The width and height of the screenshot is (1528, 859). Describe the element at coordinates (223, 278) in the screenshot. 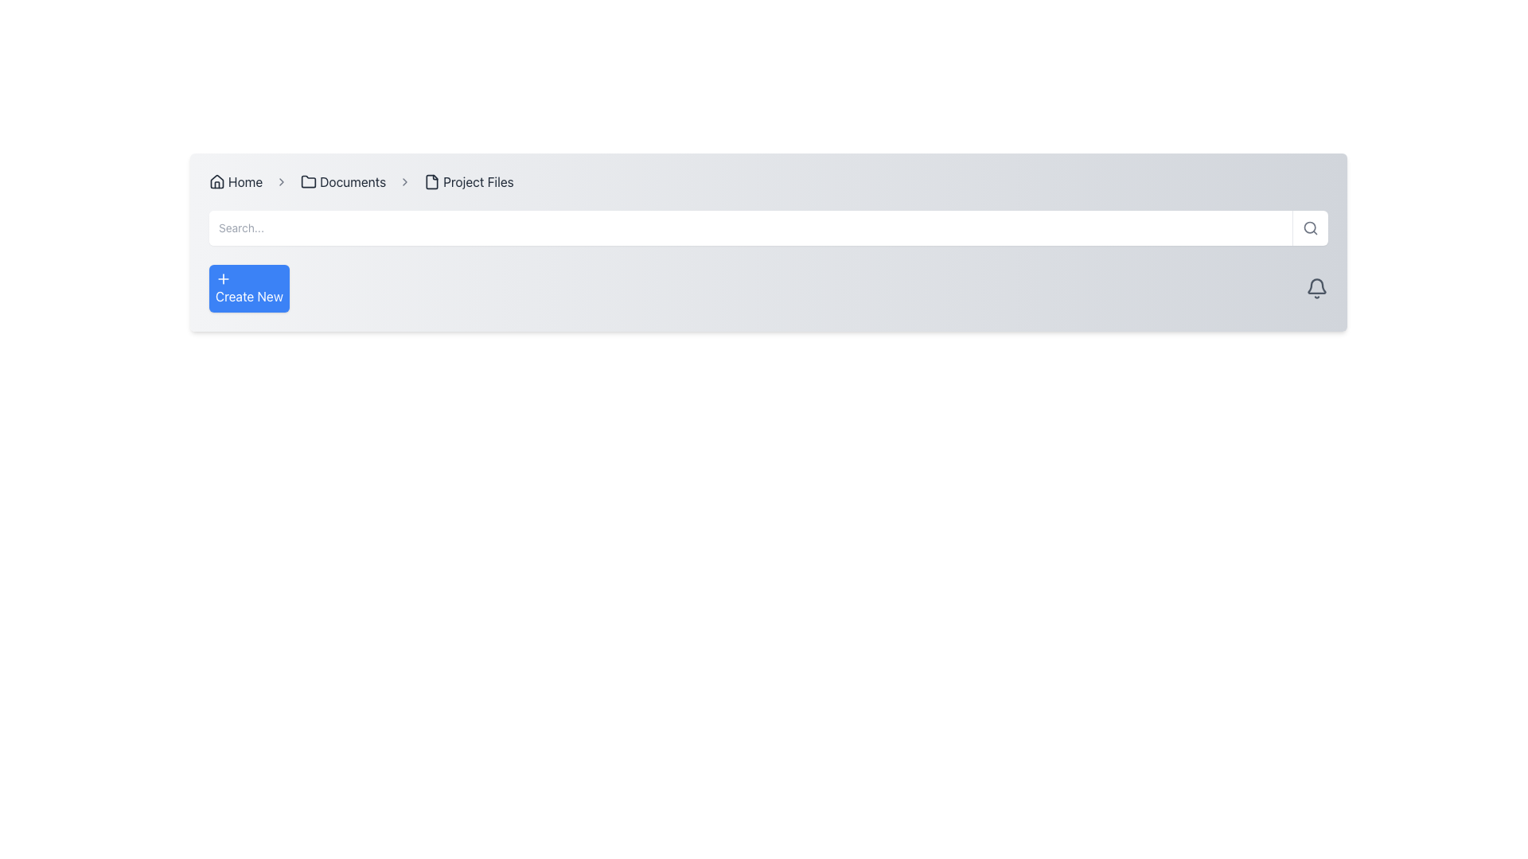

I see `the icon` at that location.